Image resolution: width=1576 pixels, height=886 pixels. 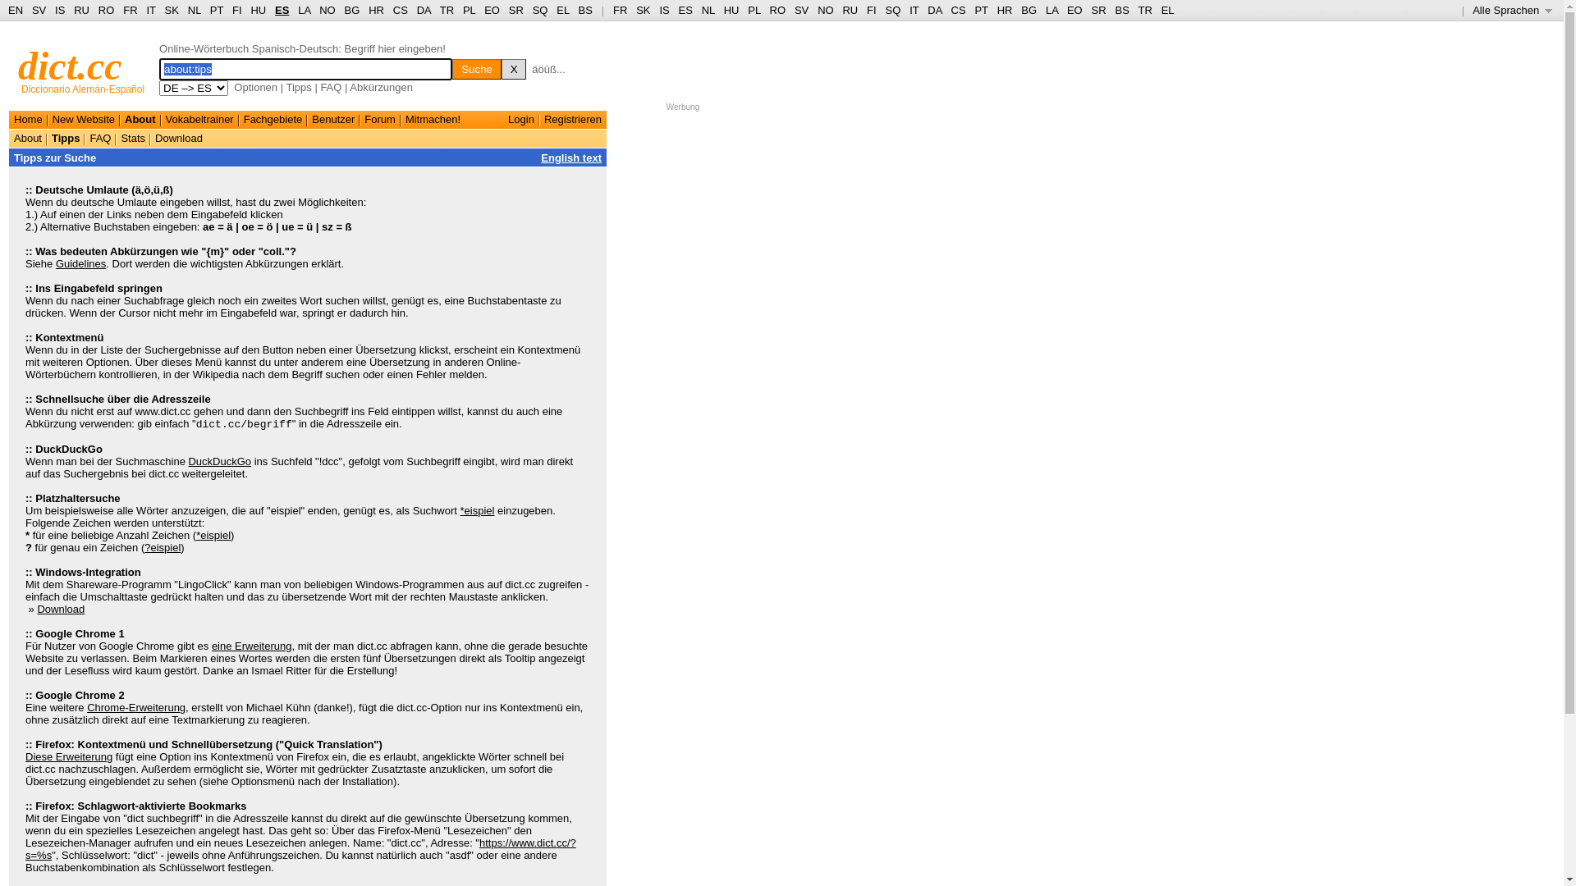 What do you see at coordinates (747, 10) in the screenshot?
I see `'PL'` at bounding box center [747, 10].